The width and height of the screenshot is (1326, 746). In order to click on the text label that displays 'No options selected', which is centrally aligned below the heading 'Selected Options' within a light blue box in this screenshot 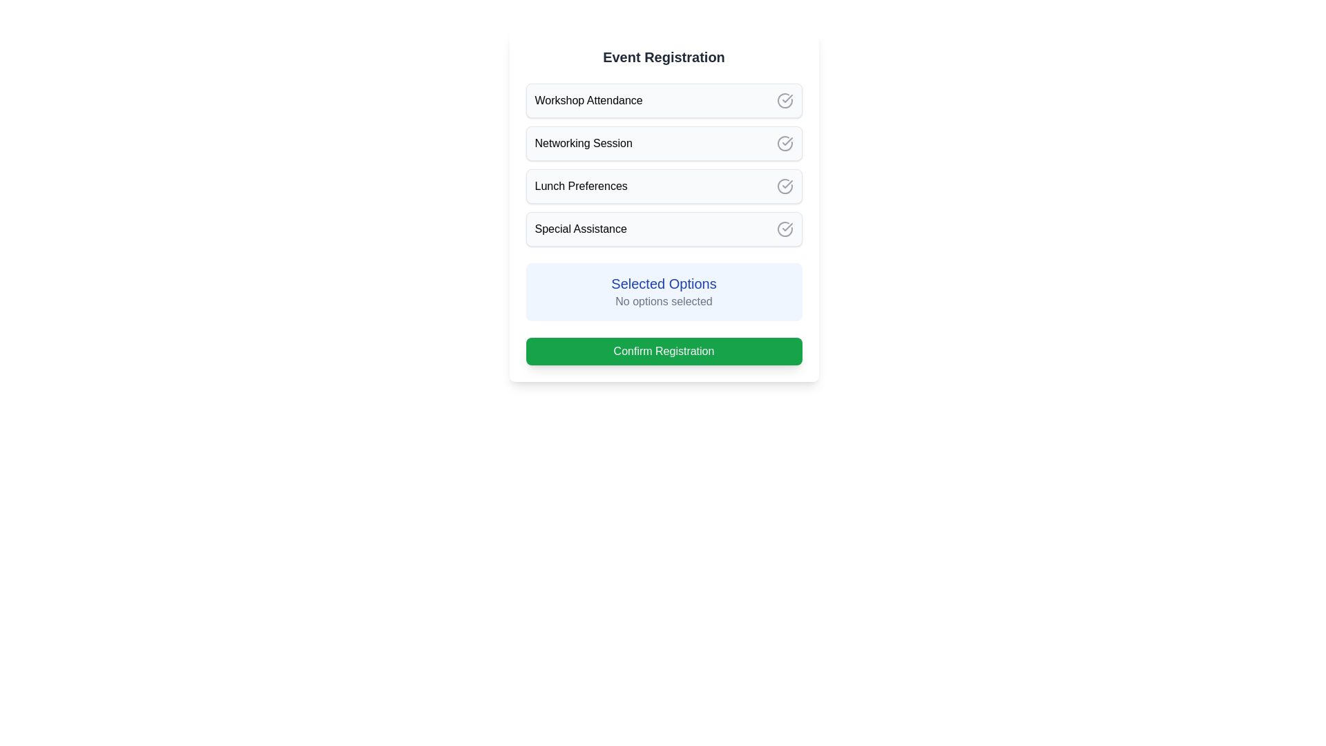, I will do `click(664, 300)`.